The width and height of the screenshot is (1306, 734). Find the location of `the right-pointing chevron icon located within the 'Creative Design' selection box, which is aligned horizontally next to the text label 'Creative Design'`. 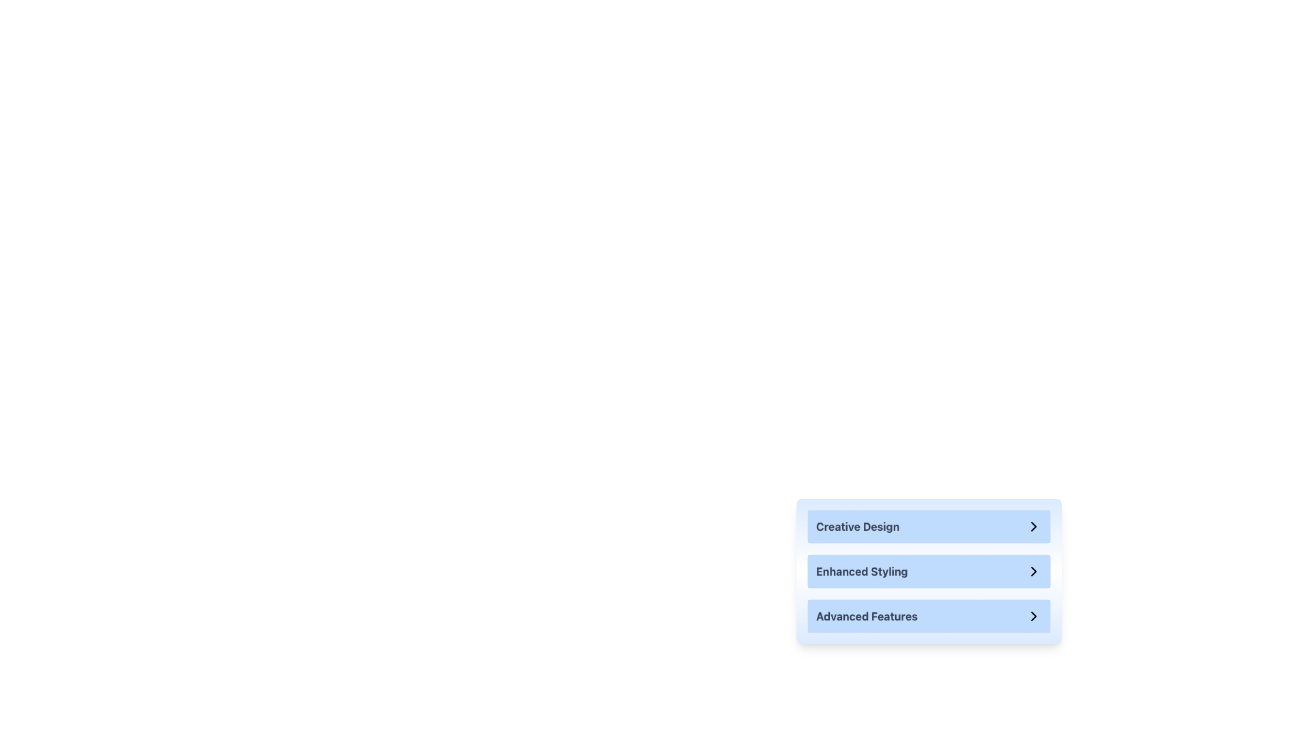

the right-pointing chevron icon located within the 'Creative Design' selection box, which is aligned horizontally next to the text label 'Creative Design' is located at coordinates (1034, 526).